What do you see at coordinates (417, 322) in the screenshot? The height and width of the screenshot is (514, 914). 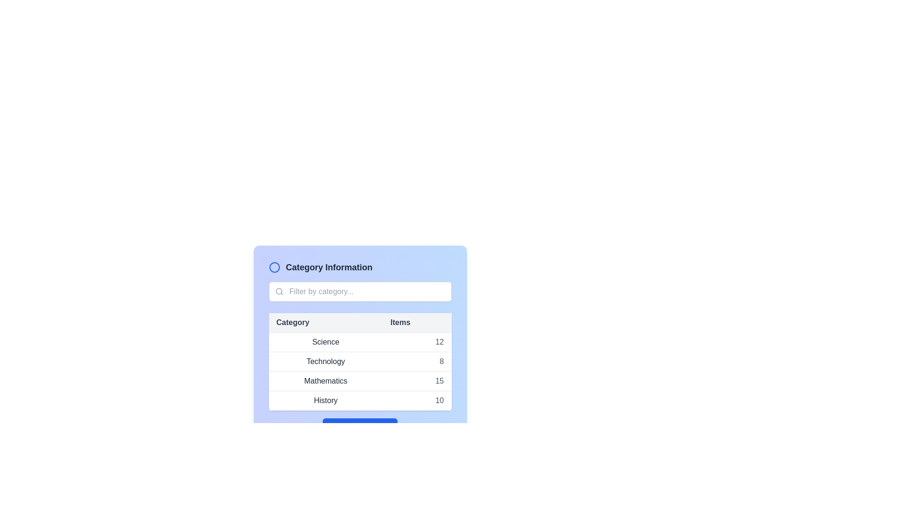 I see `the Table Header Cell that labels the second column of the table, located to the right of the 'Category' header` at bounding box center [417, 322].